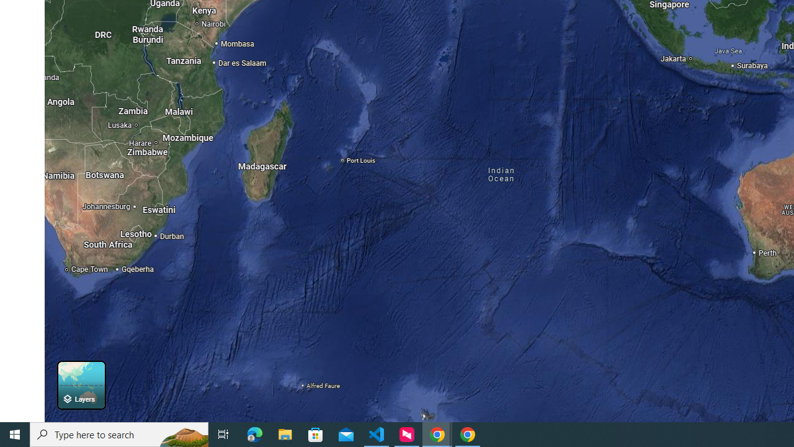 The height and width of the screenshot is (447, 794). I want to click on 'Layers', so click(81, 384).